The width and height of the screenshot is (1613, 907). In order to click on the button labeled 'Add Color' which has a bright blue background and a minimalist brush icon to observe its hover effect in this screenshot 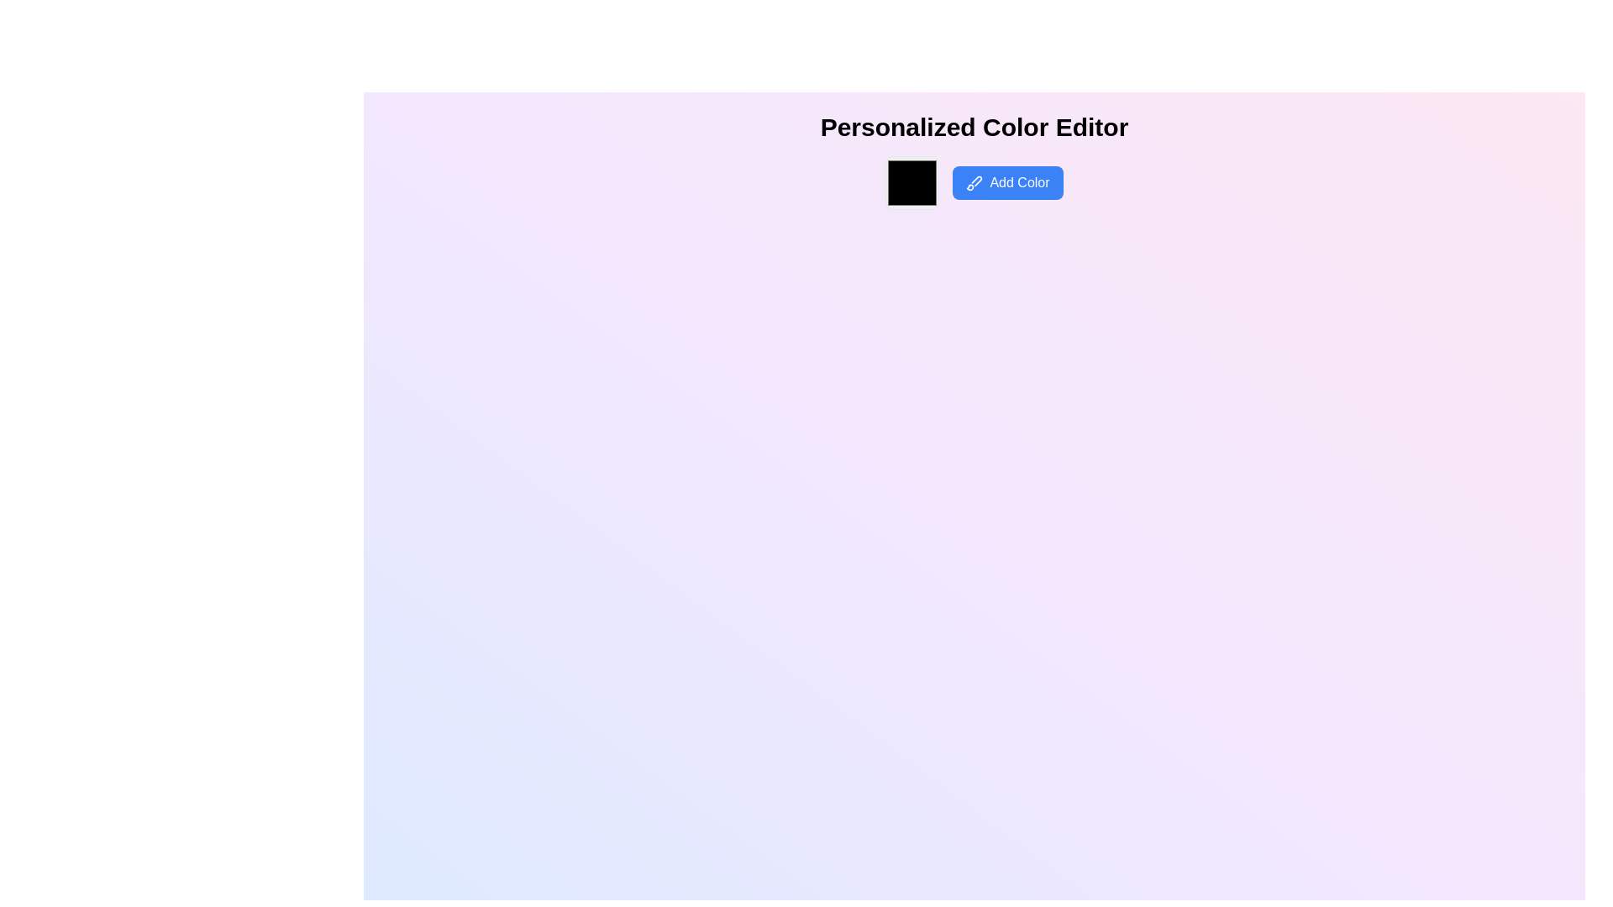, I will do `click(1008, 183)`.